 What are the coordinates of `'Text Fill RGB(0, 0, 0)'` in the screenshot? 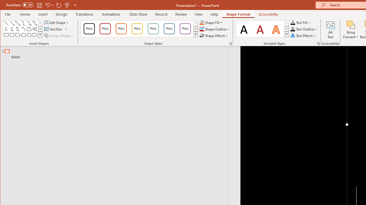 It's located at (293, 22).